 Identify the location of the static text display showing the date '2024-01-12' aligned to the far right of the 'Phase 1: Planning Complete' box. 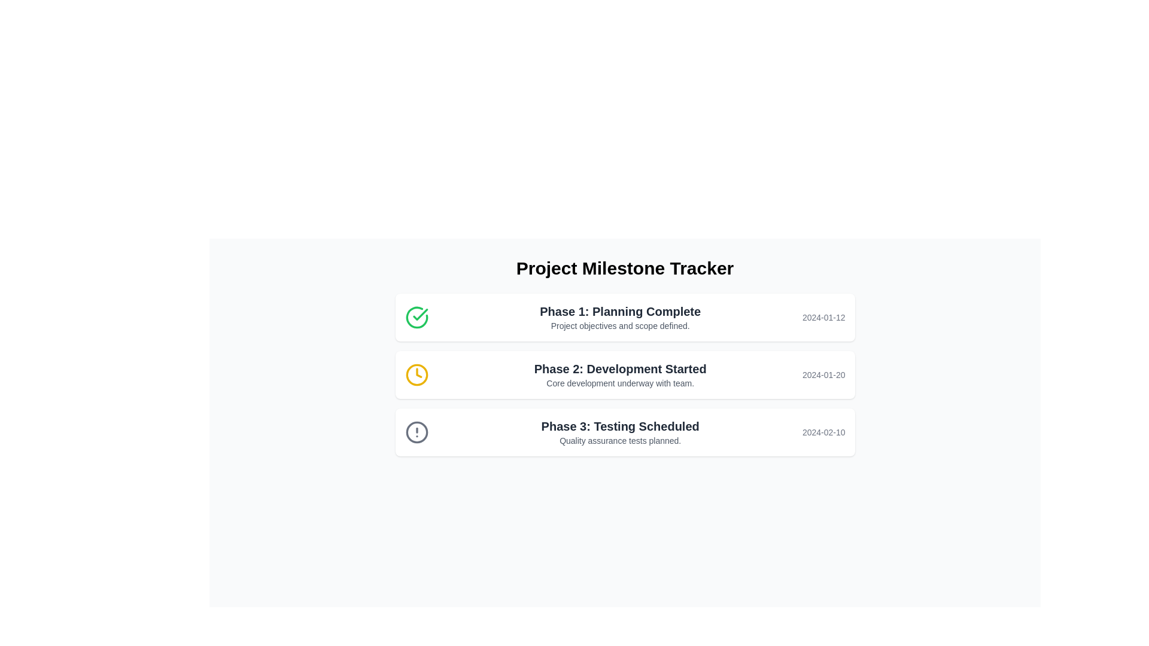
(823, 317).